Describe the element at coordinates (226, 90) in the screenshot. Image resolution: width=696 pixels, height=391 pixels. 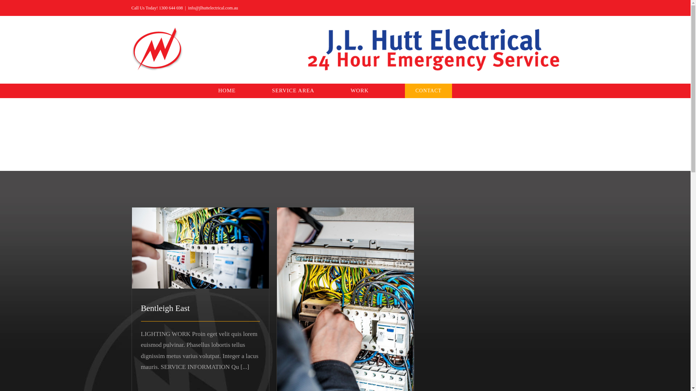
I see `'HOME'` at that location.